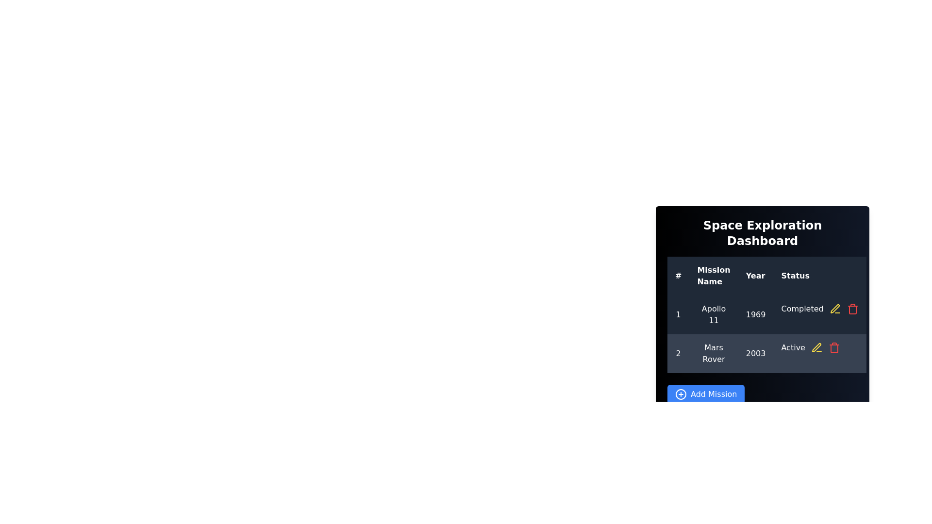  What do you see at coordinates (678, 314) in the screenshot?
I see `the static text label containing the numeral '1', which is located in the first cell of the first row of the table in the dashboard interface` at bounding box center [678, 314].